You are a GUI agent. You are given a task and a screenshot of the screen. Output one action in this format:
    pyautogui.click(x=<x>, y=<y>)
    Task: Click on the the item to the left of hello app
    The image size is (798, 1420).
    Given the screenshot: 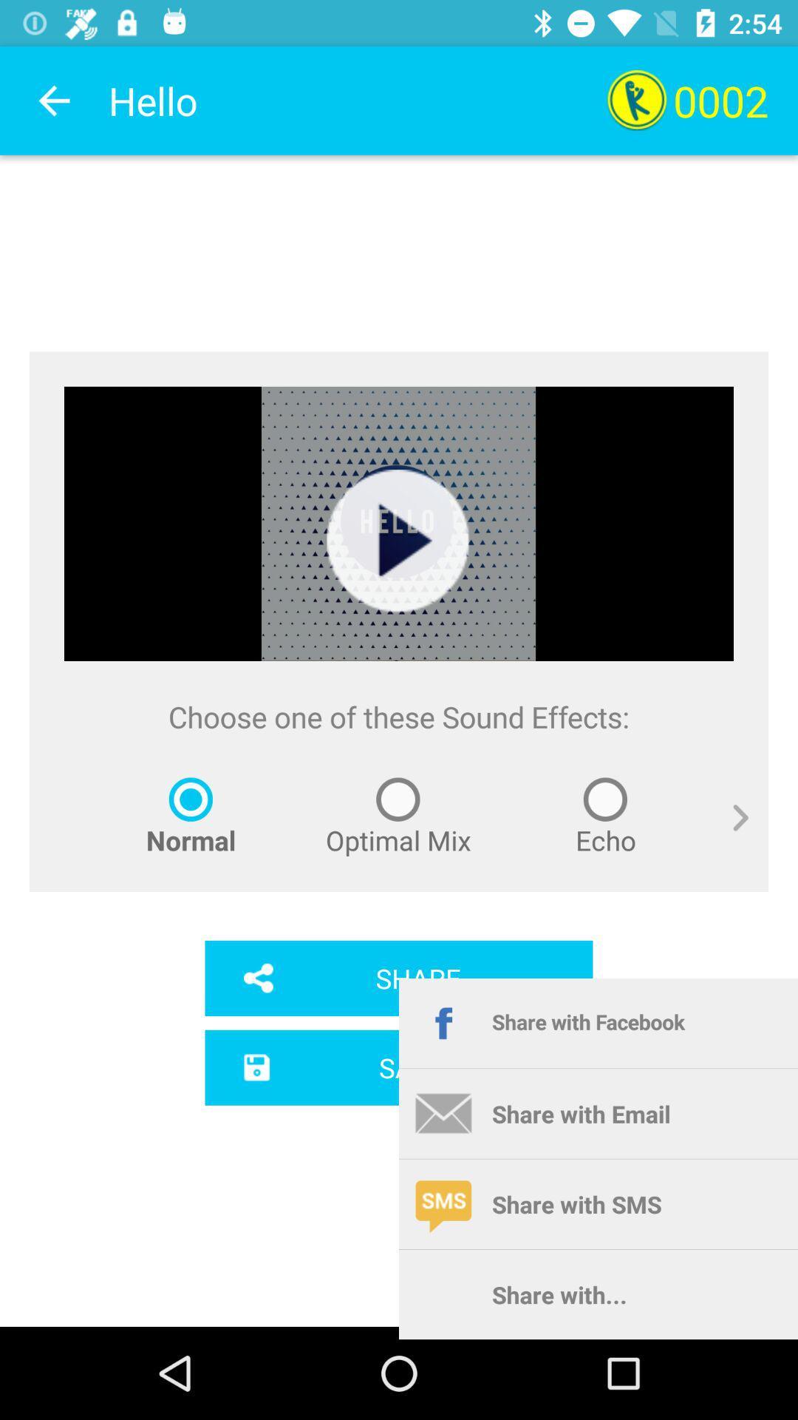 What is the action you would take?
    pyautogui.click(x=53, y=100)
    